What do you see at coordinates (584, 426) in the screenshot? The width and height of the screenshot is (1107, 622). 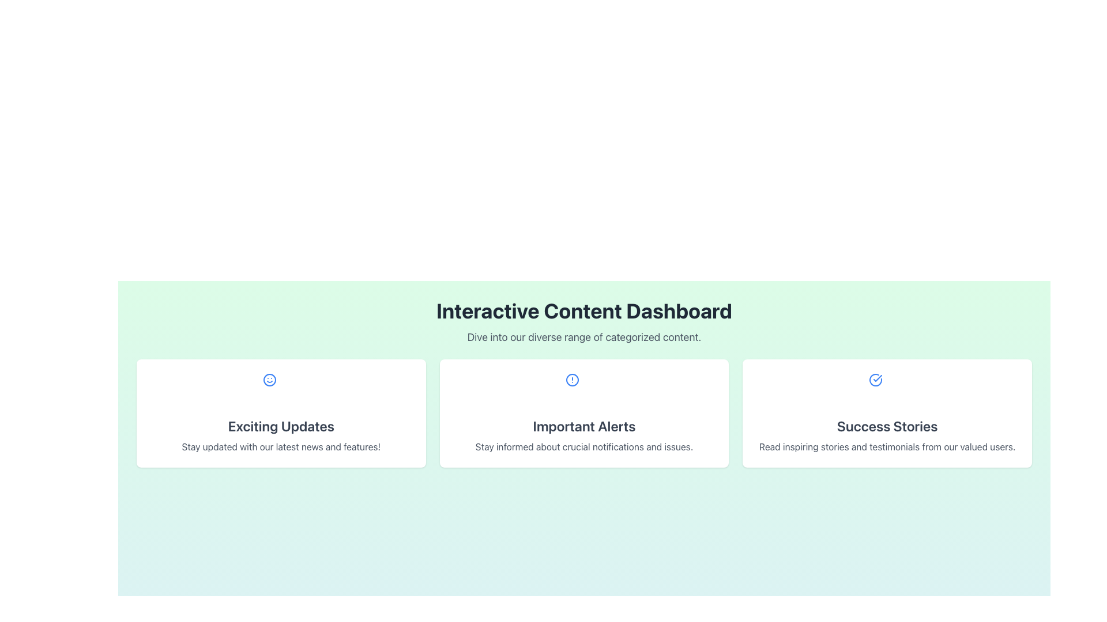 I see `text label with the caption 'Important Alerts' styled in large, bold, dark gray font located in the central card of the horizontally-aligned row` at bounding box center [584, 426].